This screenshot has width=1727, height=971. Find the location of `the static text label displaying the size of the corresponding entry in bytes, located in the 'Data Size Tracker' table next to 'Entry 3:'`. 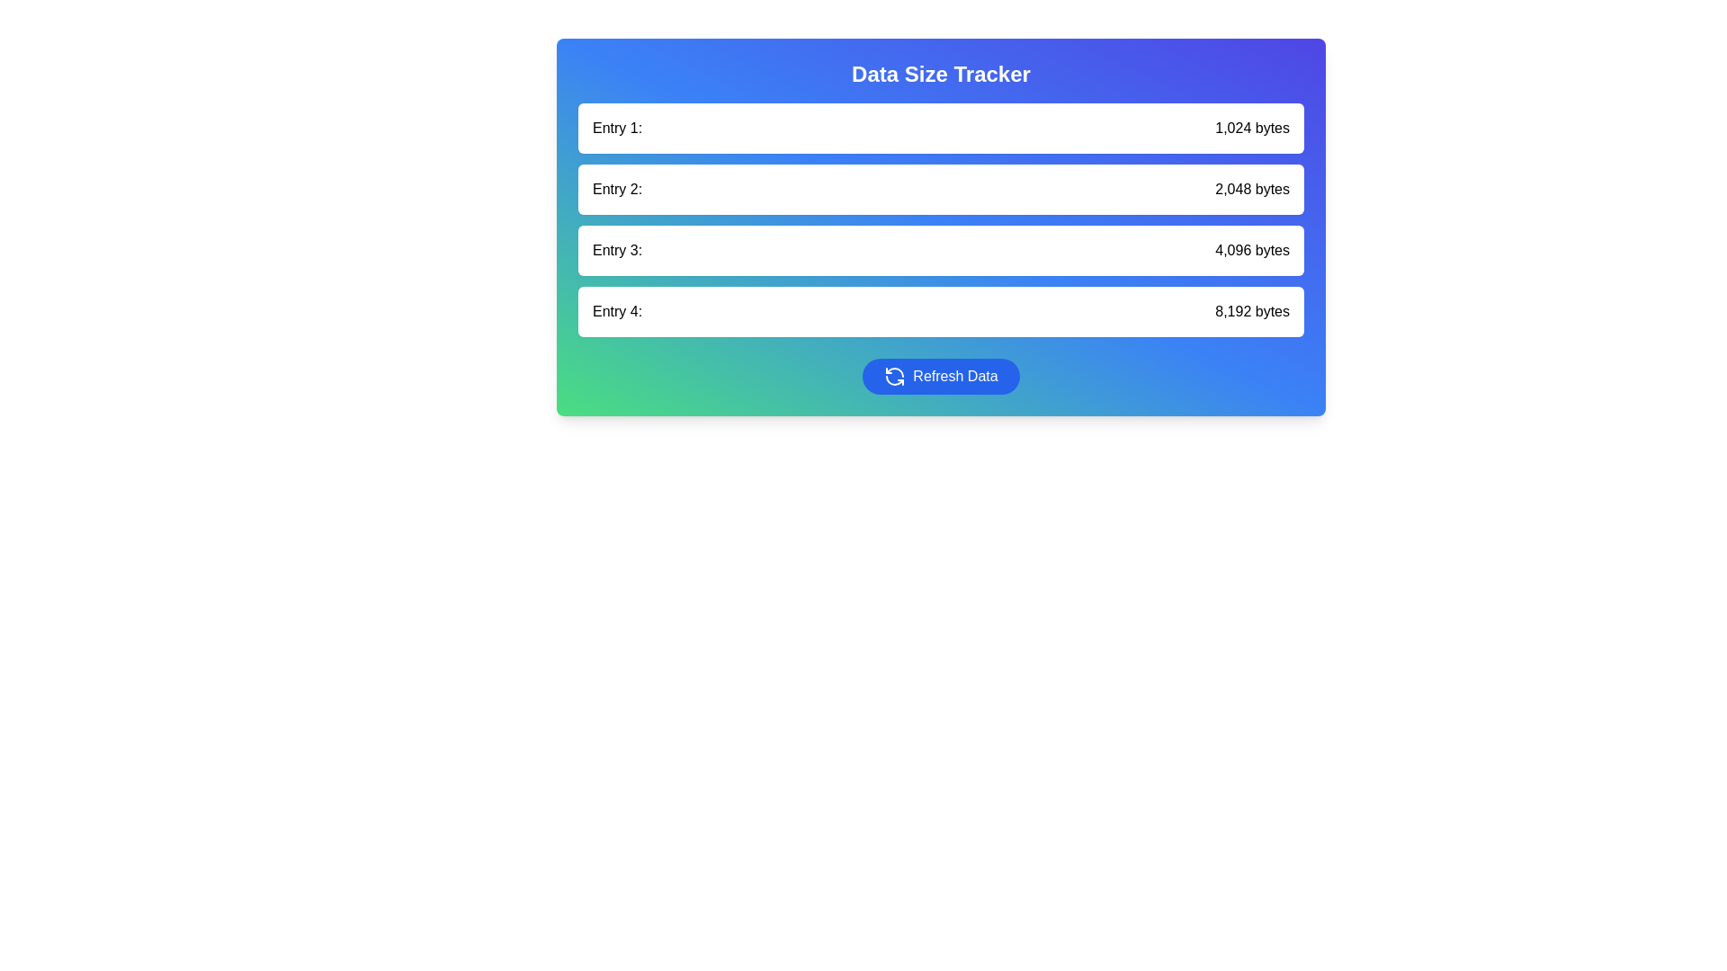

the static text label displaying the size of the corresponding entry in bytes, located in the 'Data Size Tracker' table next to 'Entry 3:' is located at coordinates (1251, 250).